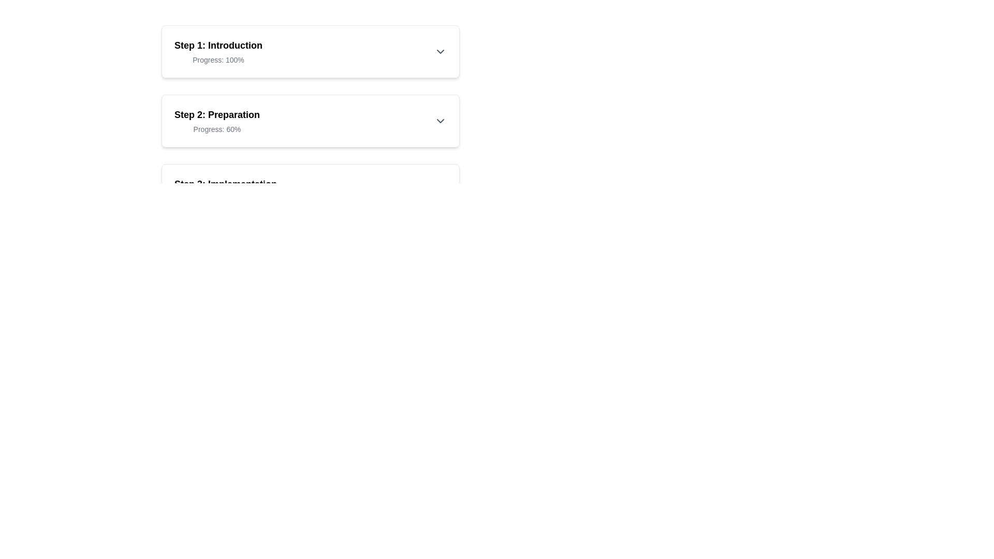  Describe the element at coordinates (218, 60) in the screenshot. I see `the text label displaying 'Progress: 100%' which is located below the heading 'Step 1: Introduction'` at that location.